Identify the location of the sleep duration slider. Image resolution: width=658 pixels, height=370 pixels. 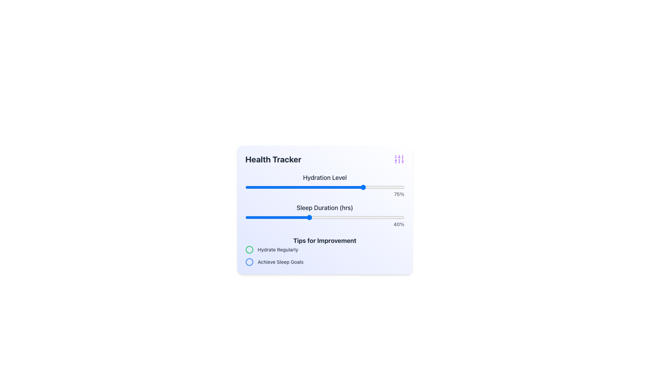
(345, 218).